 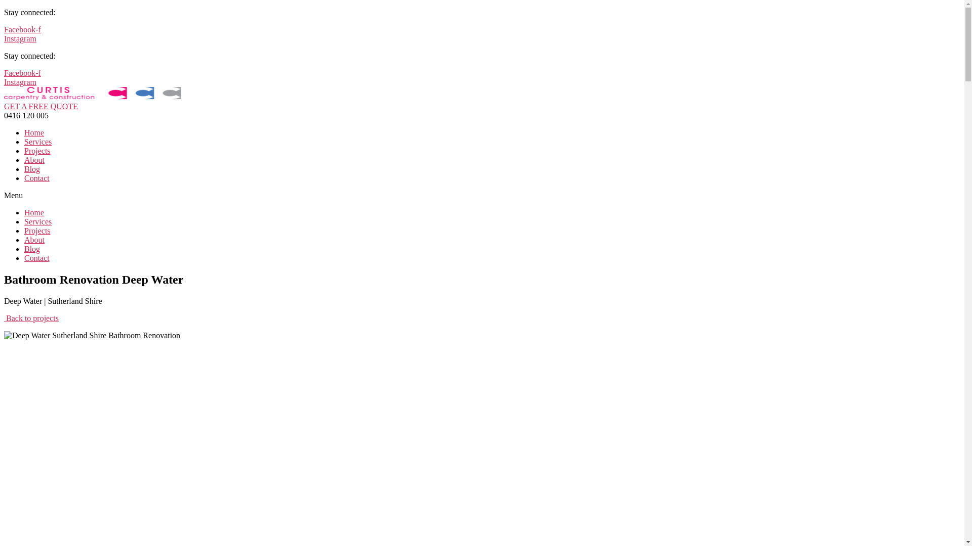 What do you see at coordinates (24, 257) in the screenshot?
I see `'Contact'` at bounding box center [24, 257].